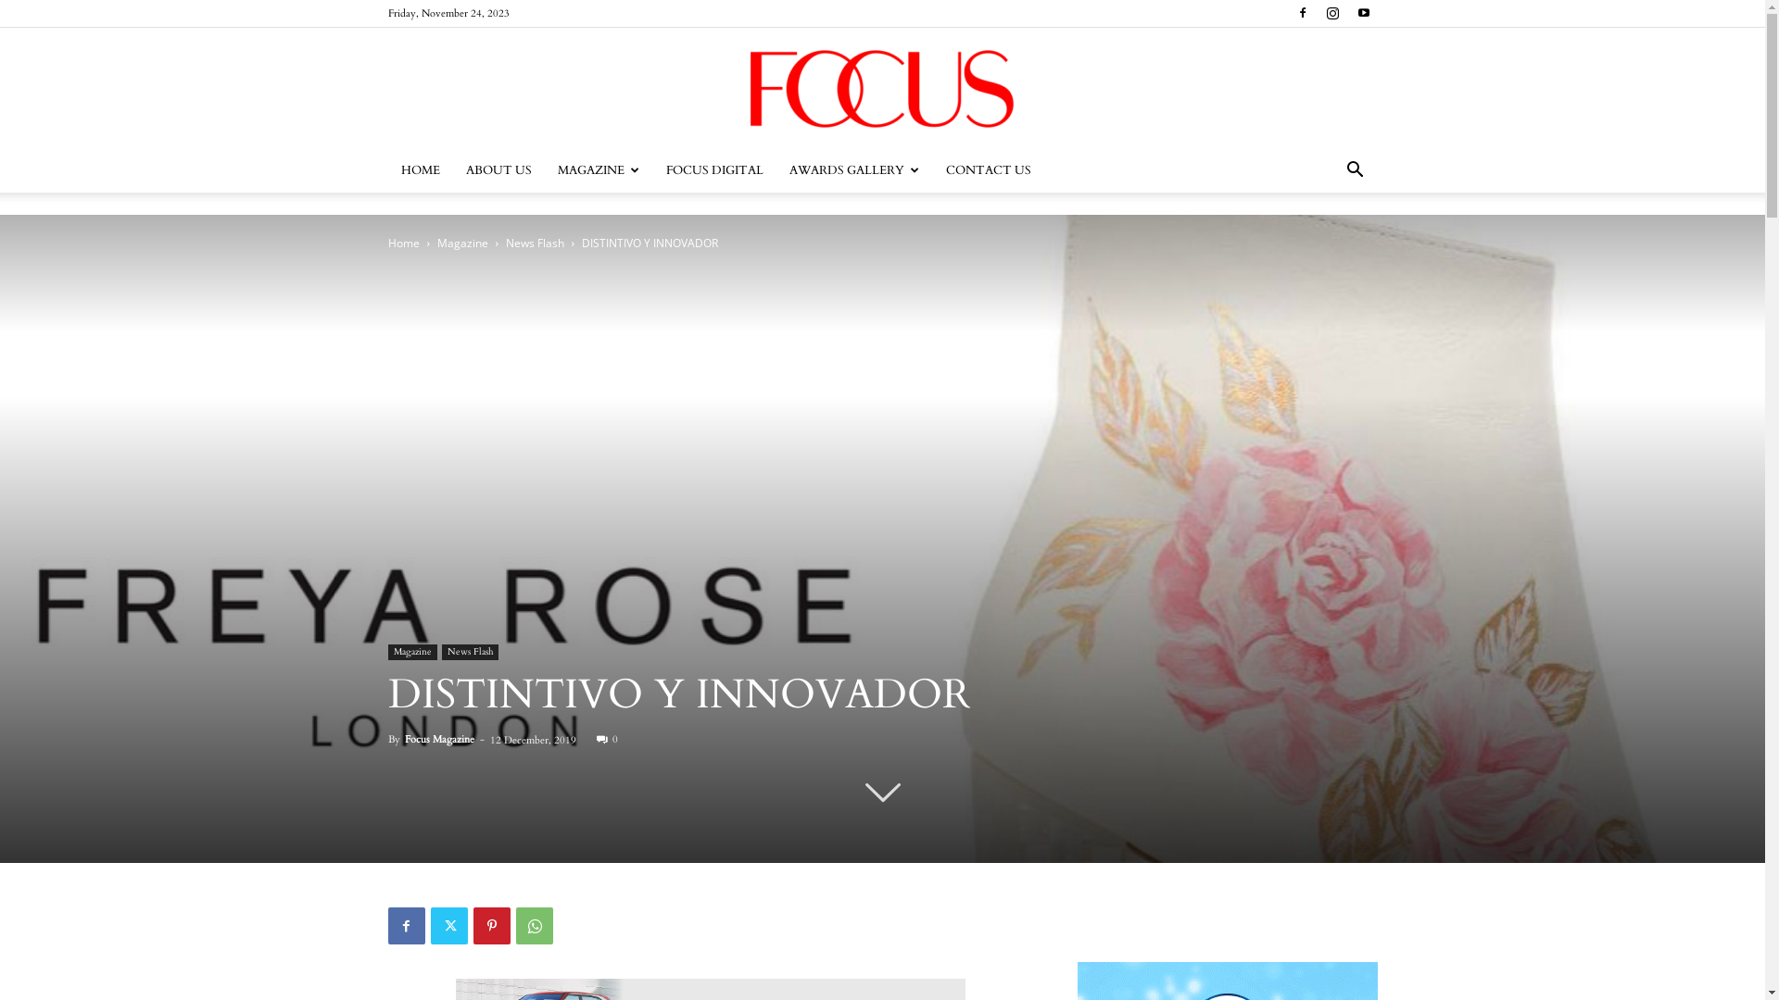 The image size is (1779, 1000). I want to click on 'Twitter', so click(429, 925).